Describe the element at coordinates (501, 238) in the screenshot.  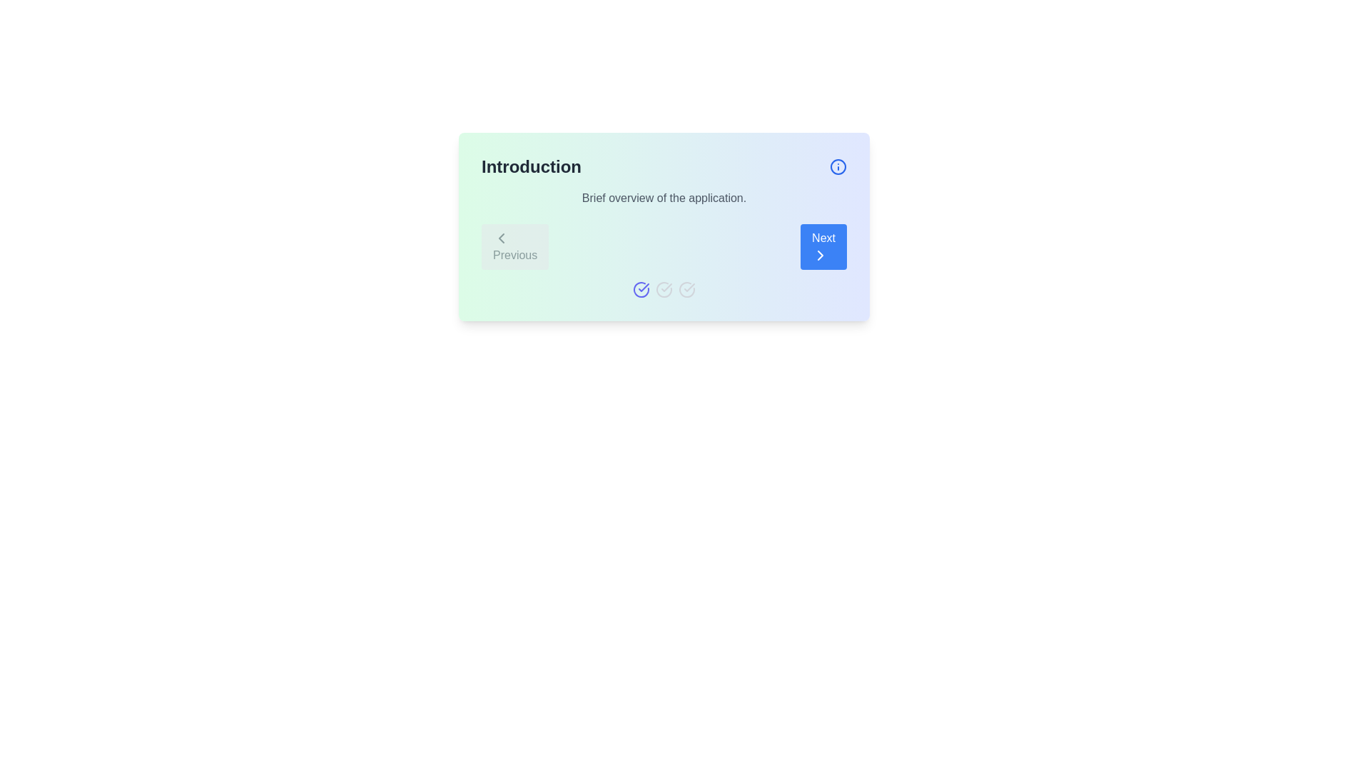
I see `the left-pointing chevron icon located within the 'Previous' button` at that location.